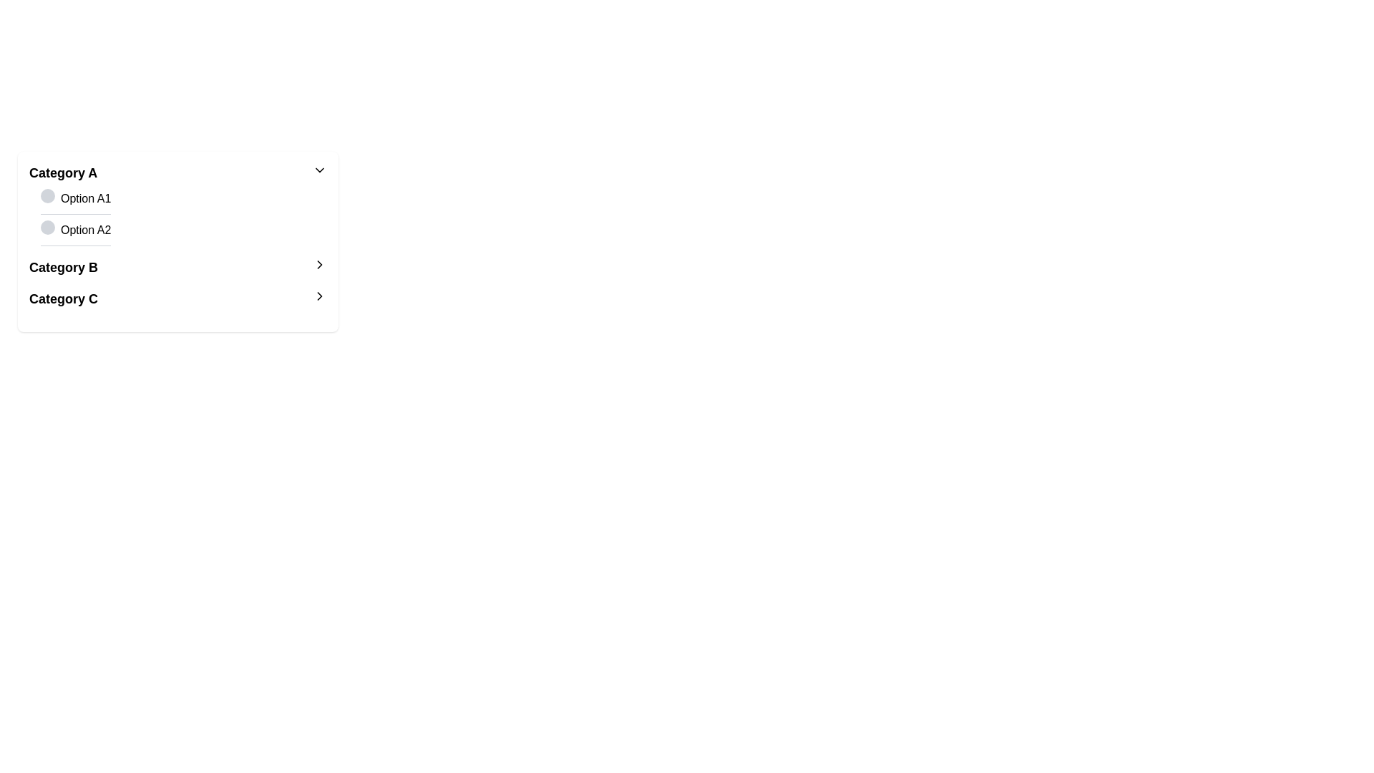  I want to click on the radio button labeled 'Option A1' to trigger visual feedback, so click(183, 201).